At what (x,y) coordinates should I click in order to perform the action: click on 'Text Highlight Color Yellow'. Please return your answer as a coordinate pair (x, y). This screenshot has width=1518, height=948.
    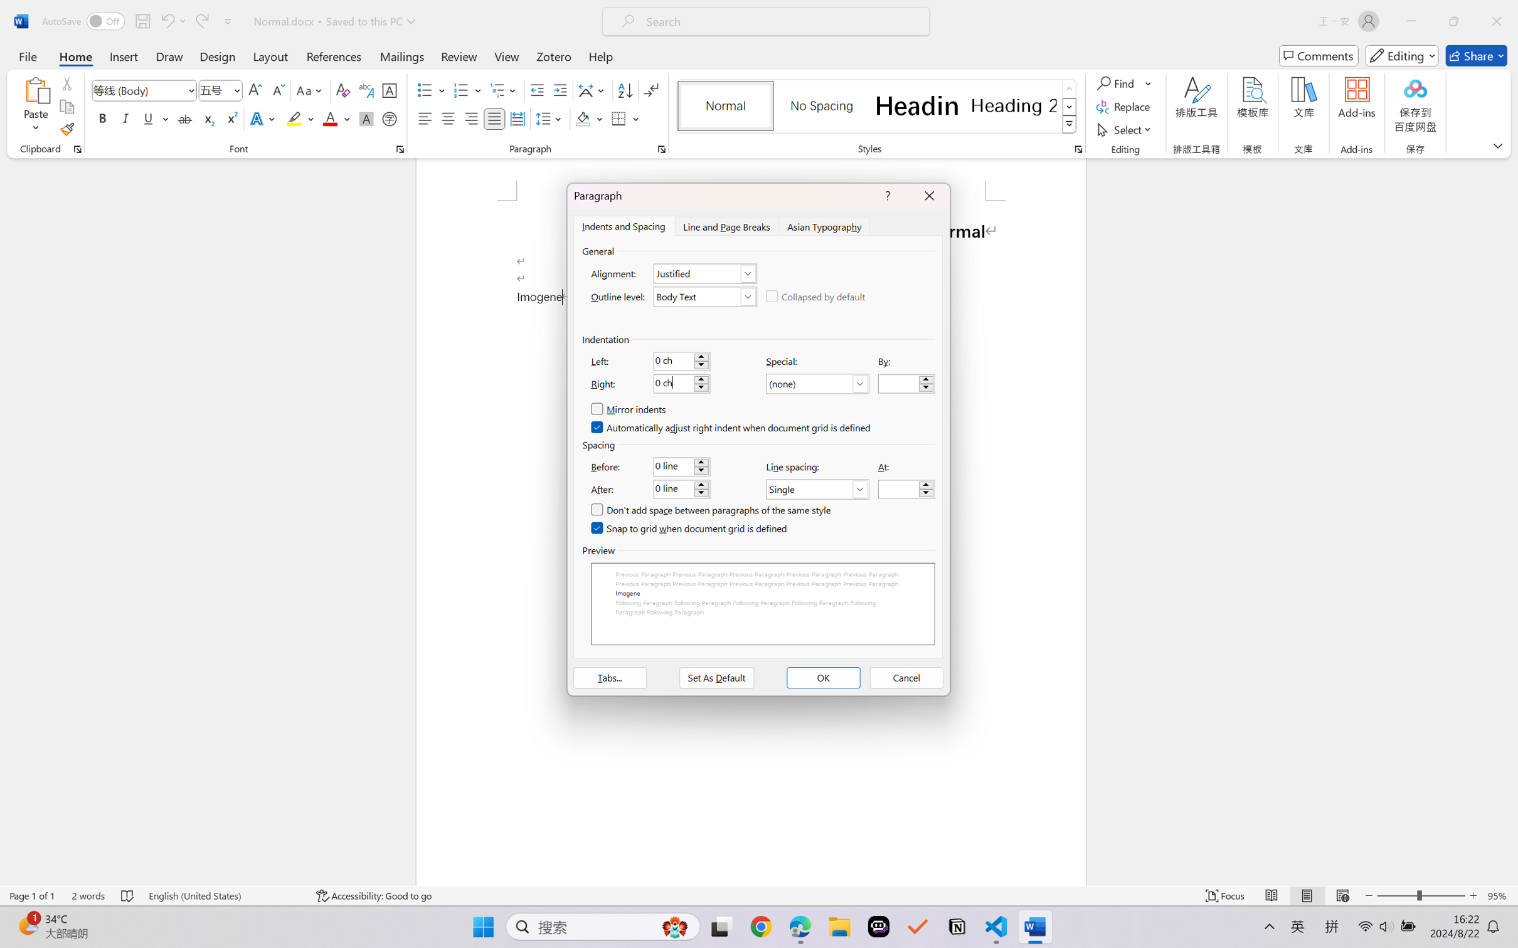
    Looking at the image, I should click on (294, 118).